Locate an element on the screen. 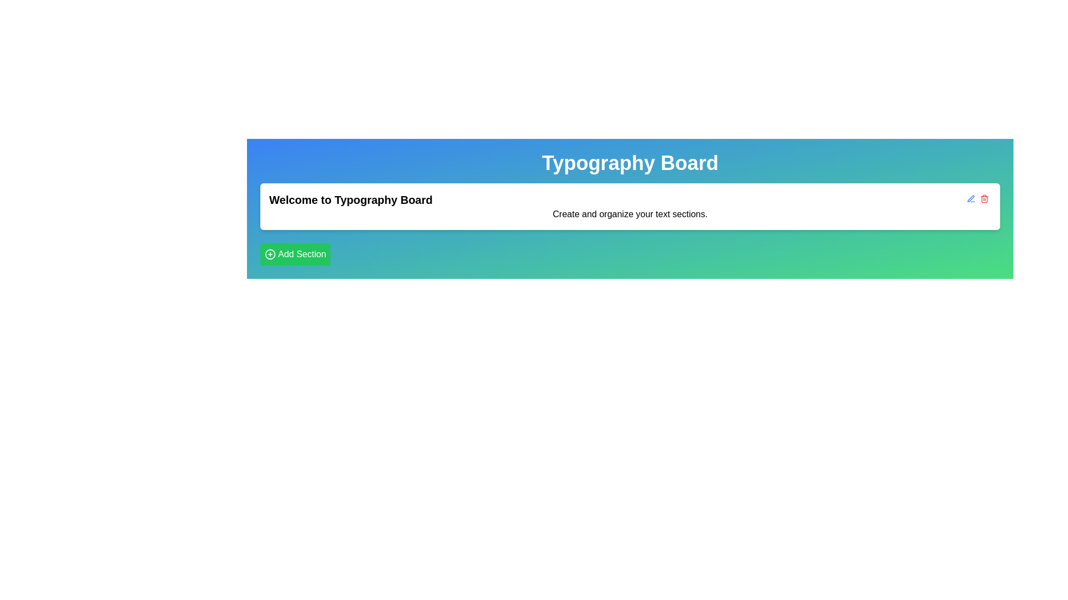  the Trash icon button located in the header of the card-like component, adjacent to the blue pencil icon is located at coordinates (985, 198).